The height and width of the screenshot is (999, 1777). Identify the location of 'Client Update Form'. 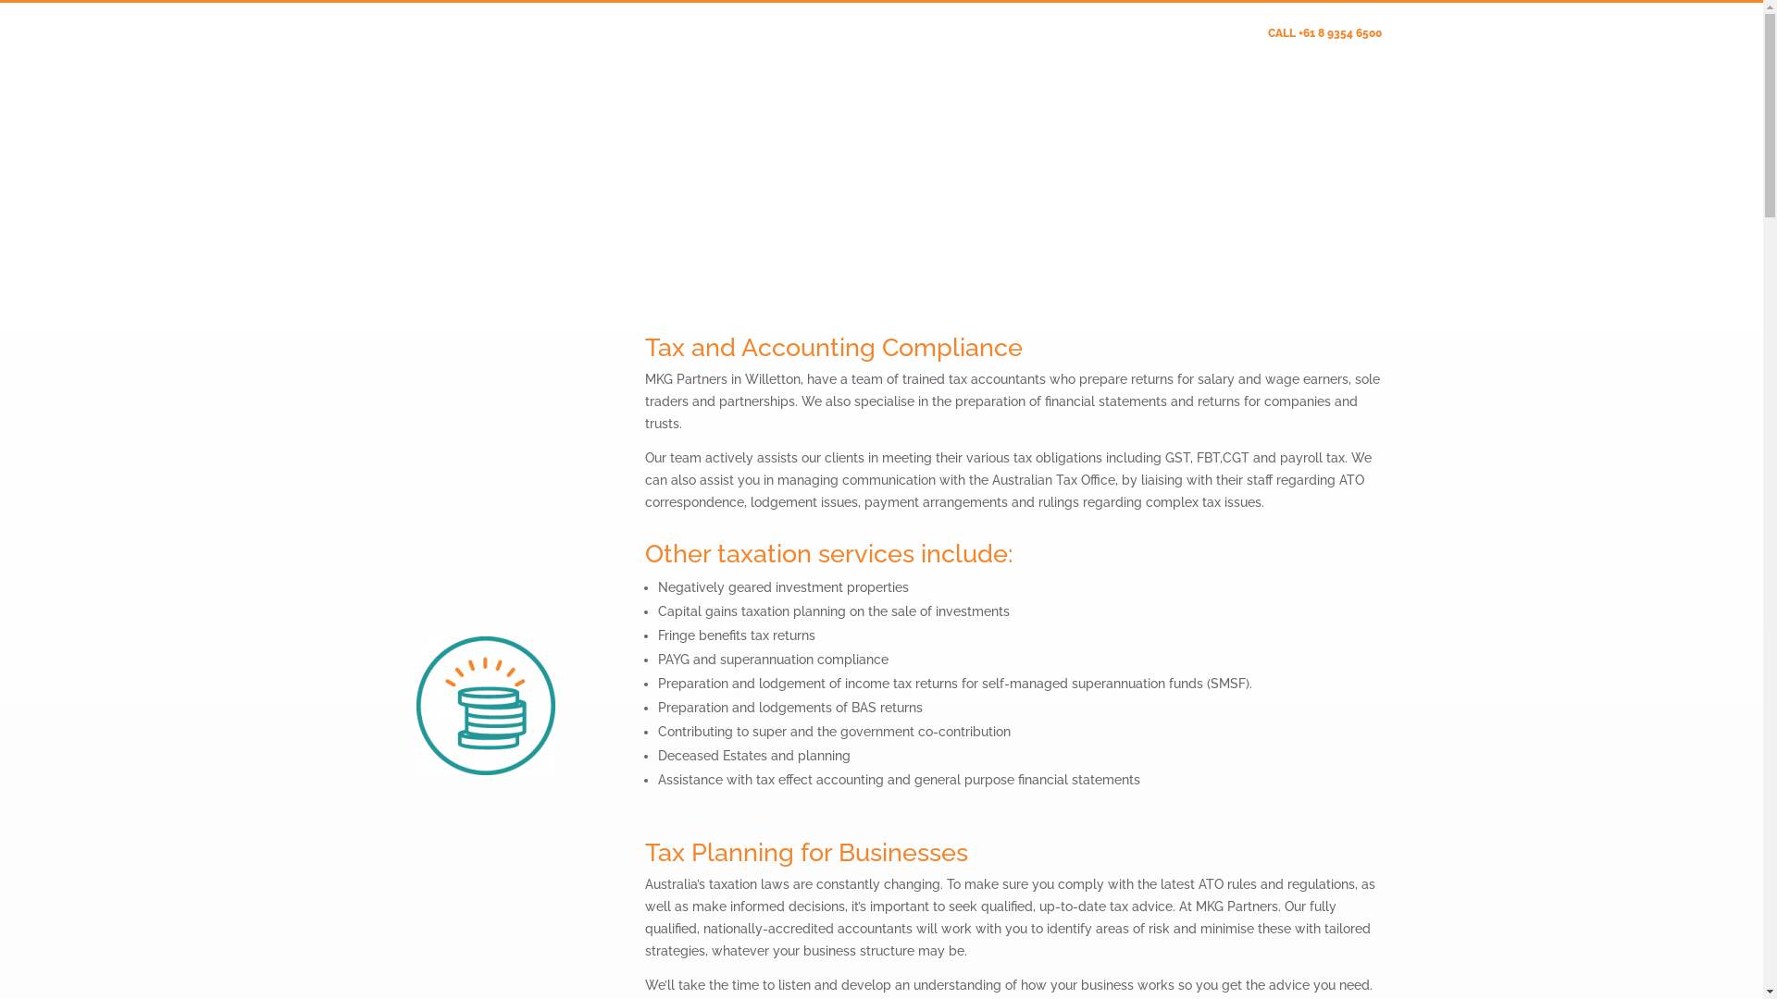
(1181, 37).